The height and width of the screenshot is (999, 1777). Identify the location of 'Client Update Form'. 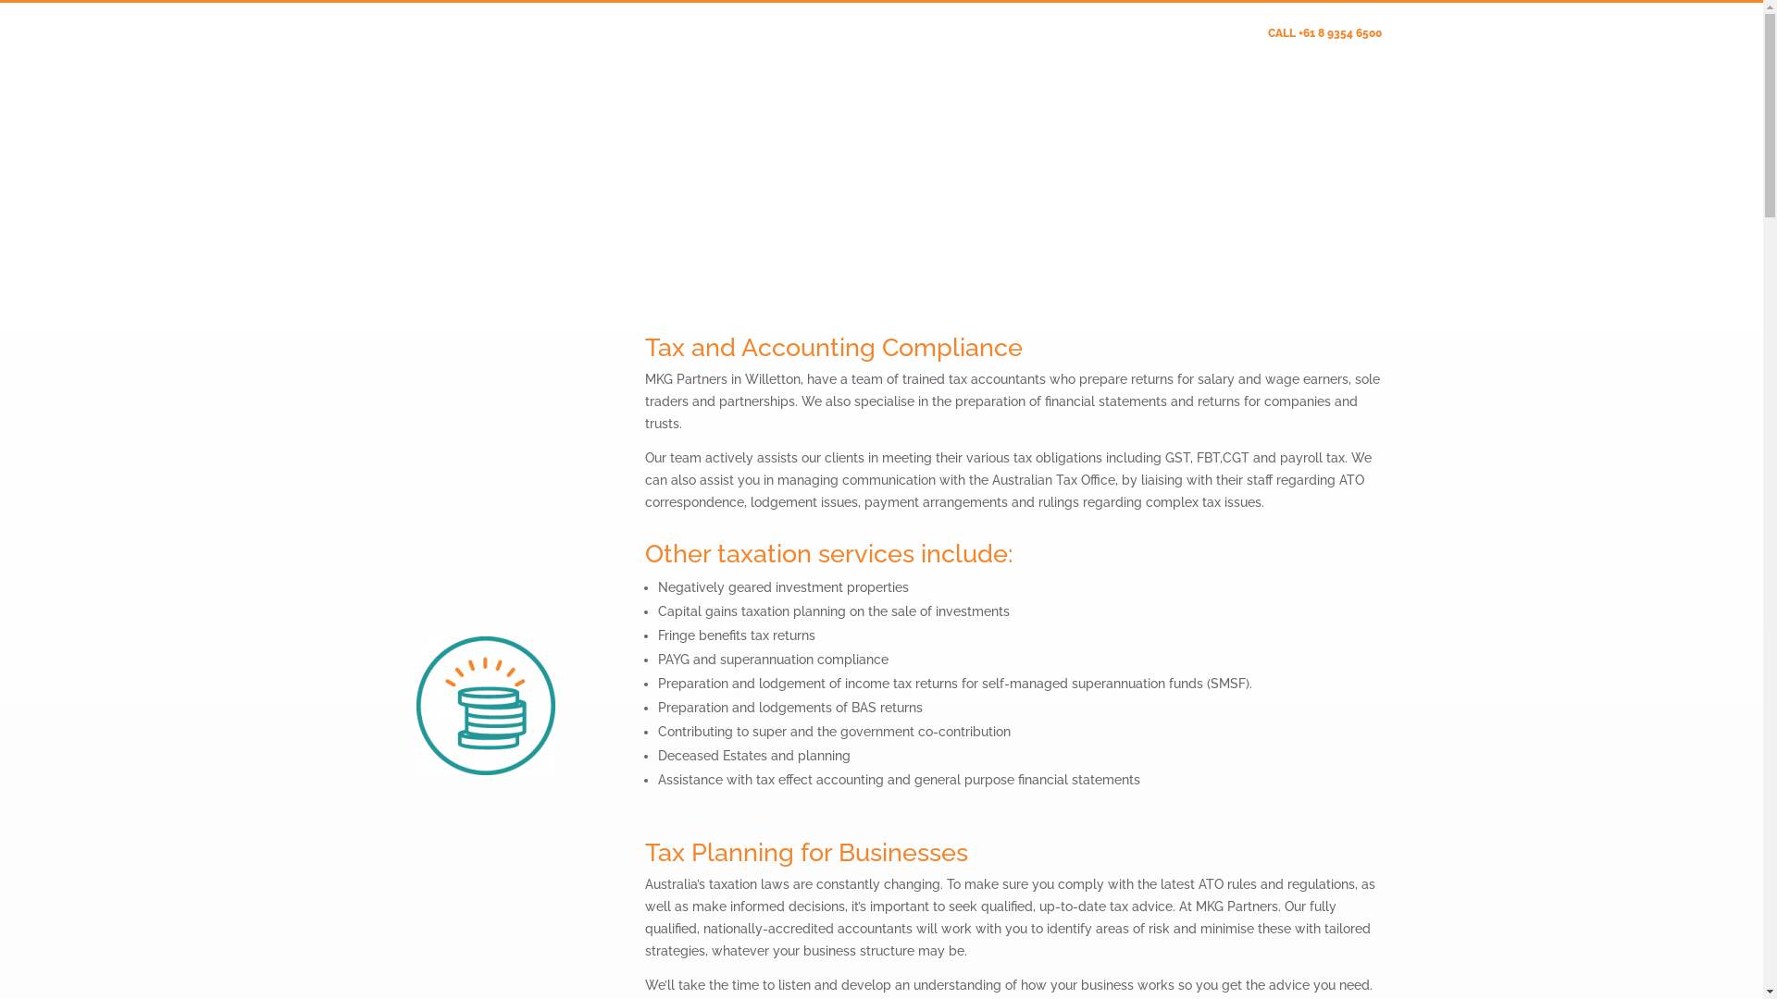
(1181, 37).